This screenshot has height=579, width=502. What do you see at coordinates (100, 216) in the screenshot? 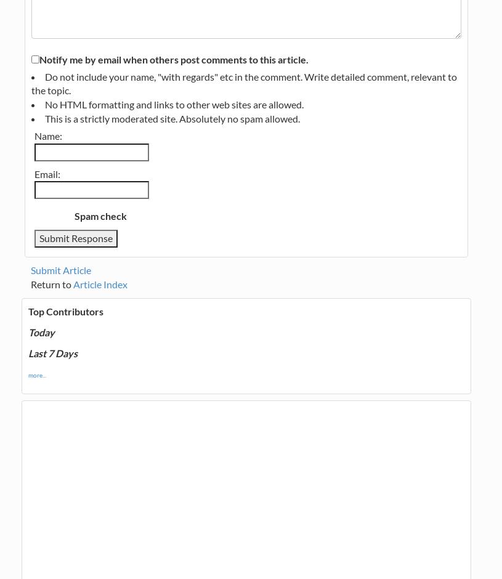
I see `'Spam check'` at bounding box center [100, 216].